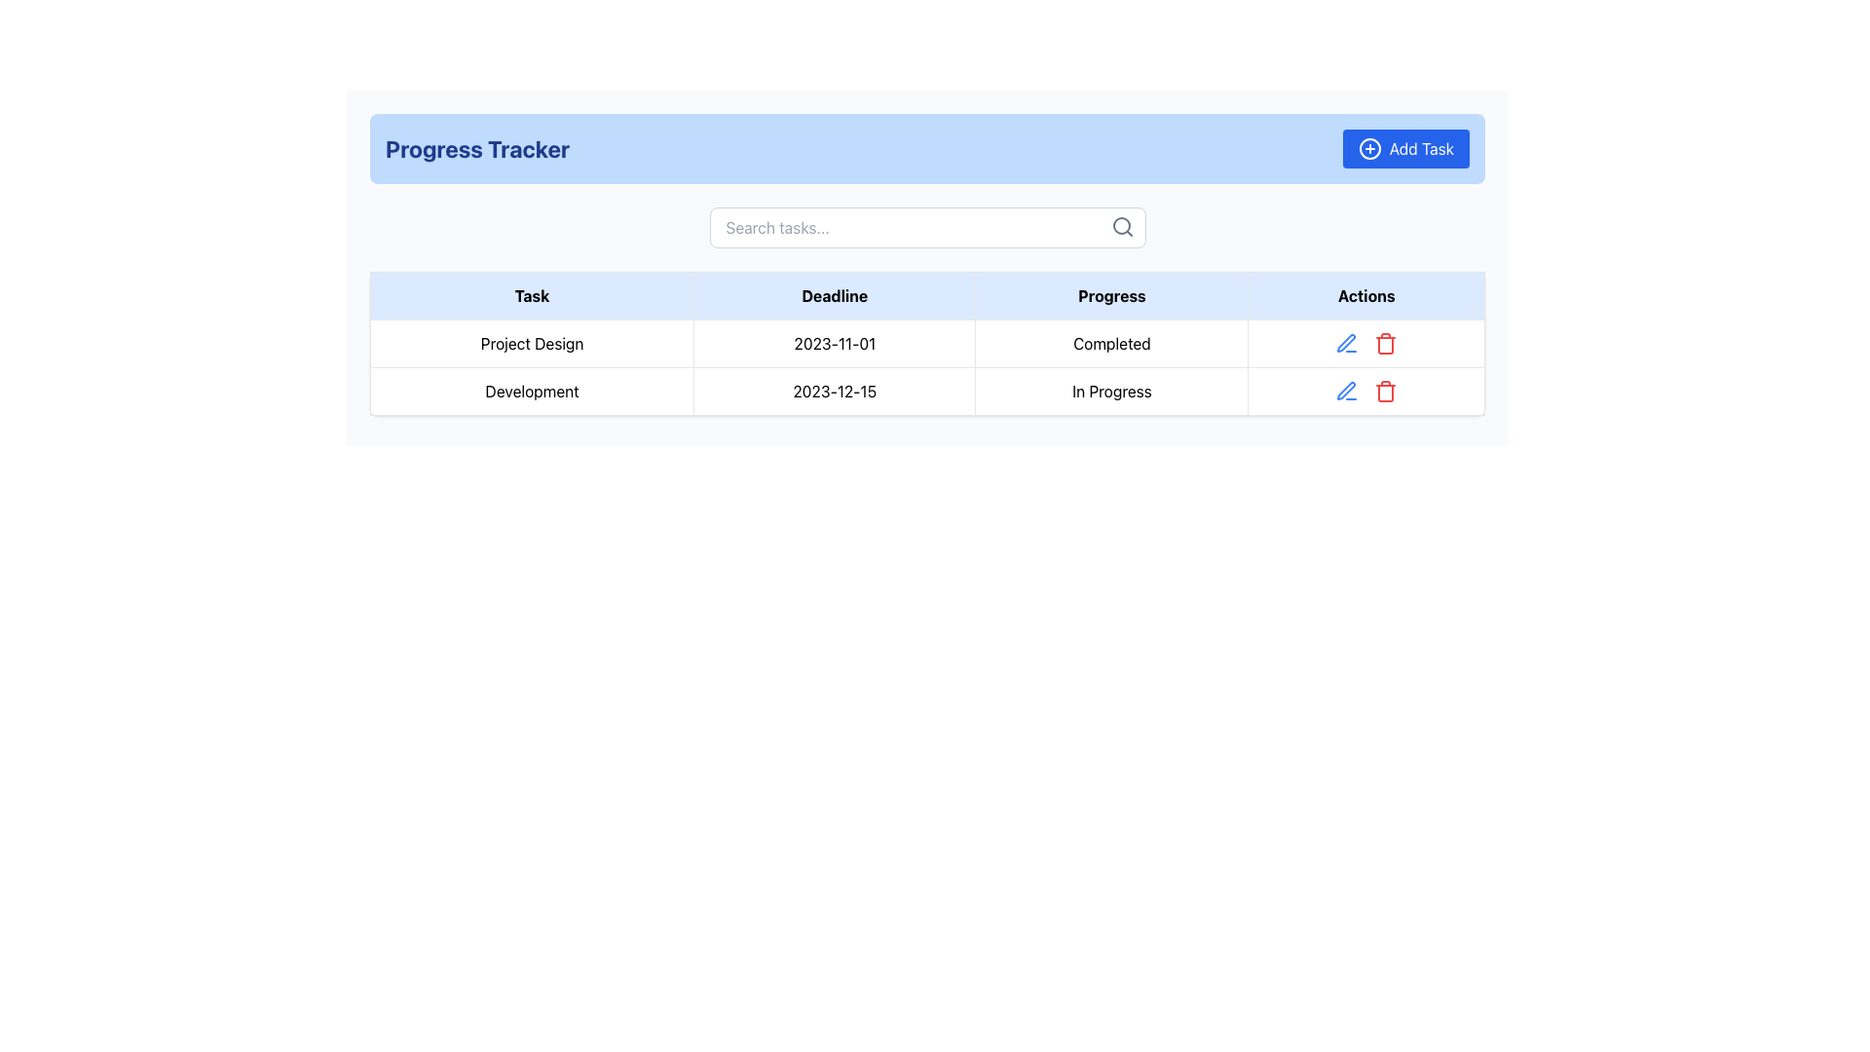 This screenshot has height=1052, width=1870. I want to click on on the second row of the table containing the task 'Development' with a deadline of '2023-12-15' and status 'In Progress', so click(926, 391).